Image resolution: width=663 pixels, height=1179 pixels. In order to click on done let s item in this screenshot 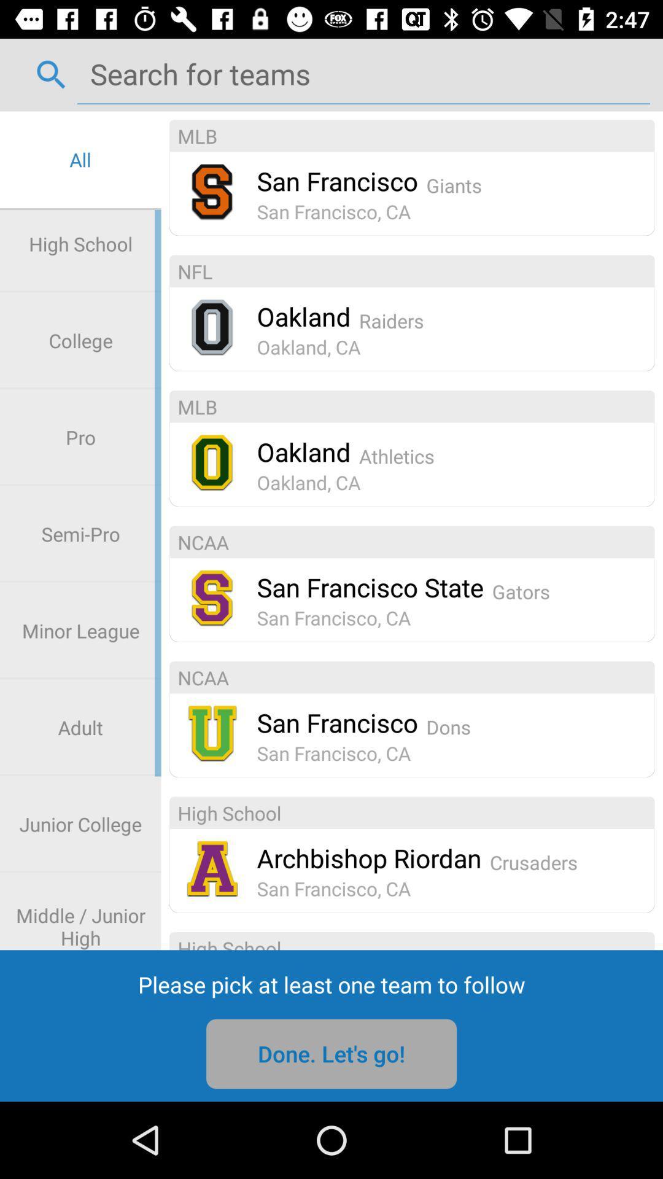, I will do `click(331, 1053)`.